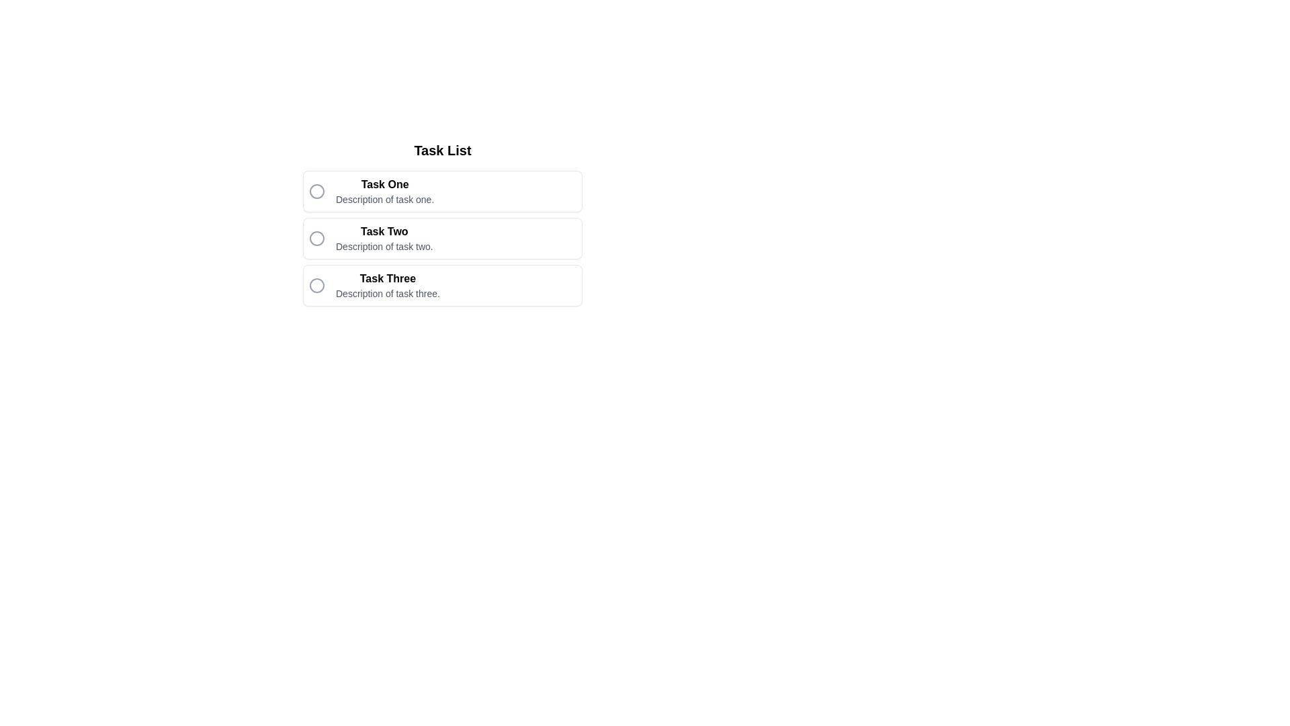  I want to click on descriptive text labeled 'Task One' located in the topmost card of the task list, which is positioned below the 'Task List' heading and accompanied by a circular input icon, so click(384, 192).